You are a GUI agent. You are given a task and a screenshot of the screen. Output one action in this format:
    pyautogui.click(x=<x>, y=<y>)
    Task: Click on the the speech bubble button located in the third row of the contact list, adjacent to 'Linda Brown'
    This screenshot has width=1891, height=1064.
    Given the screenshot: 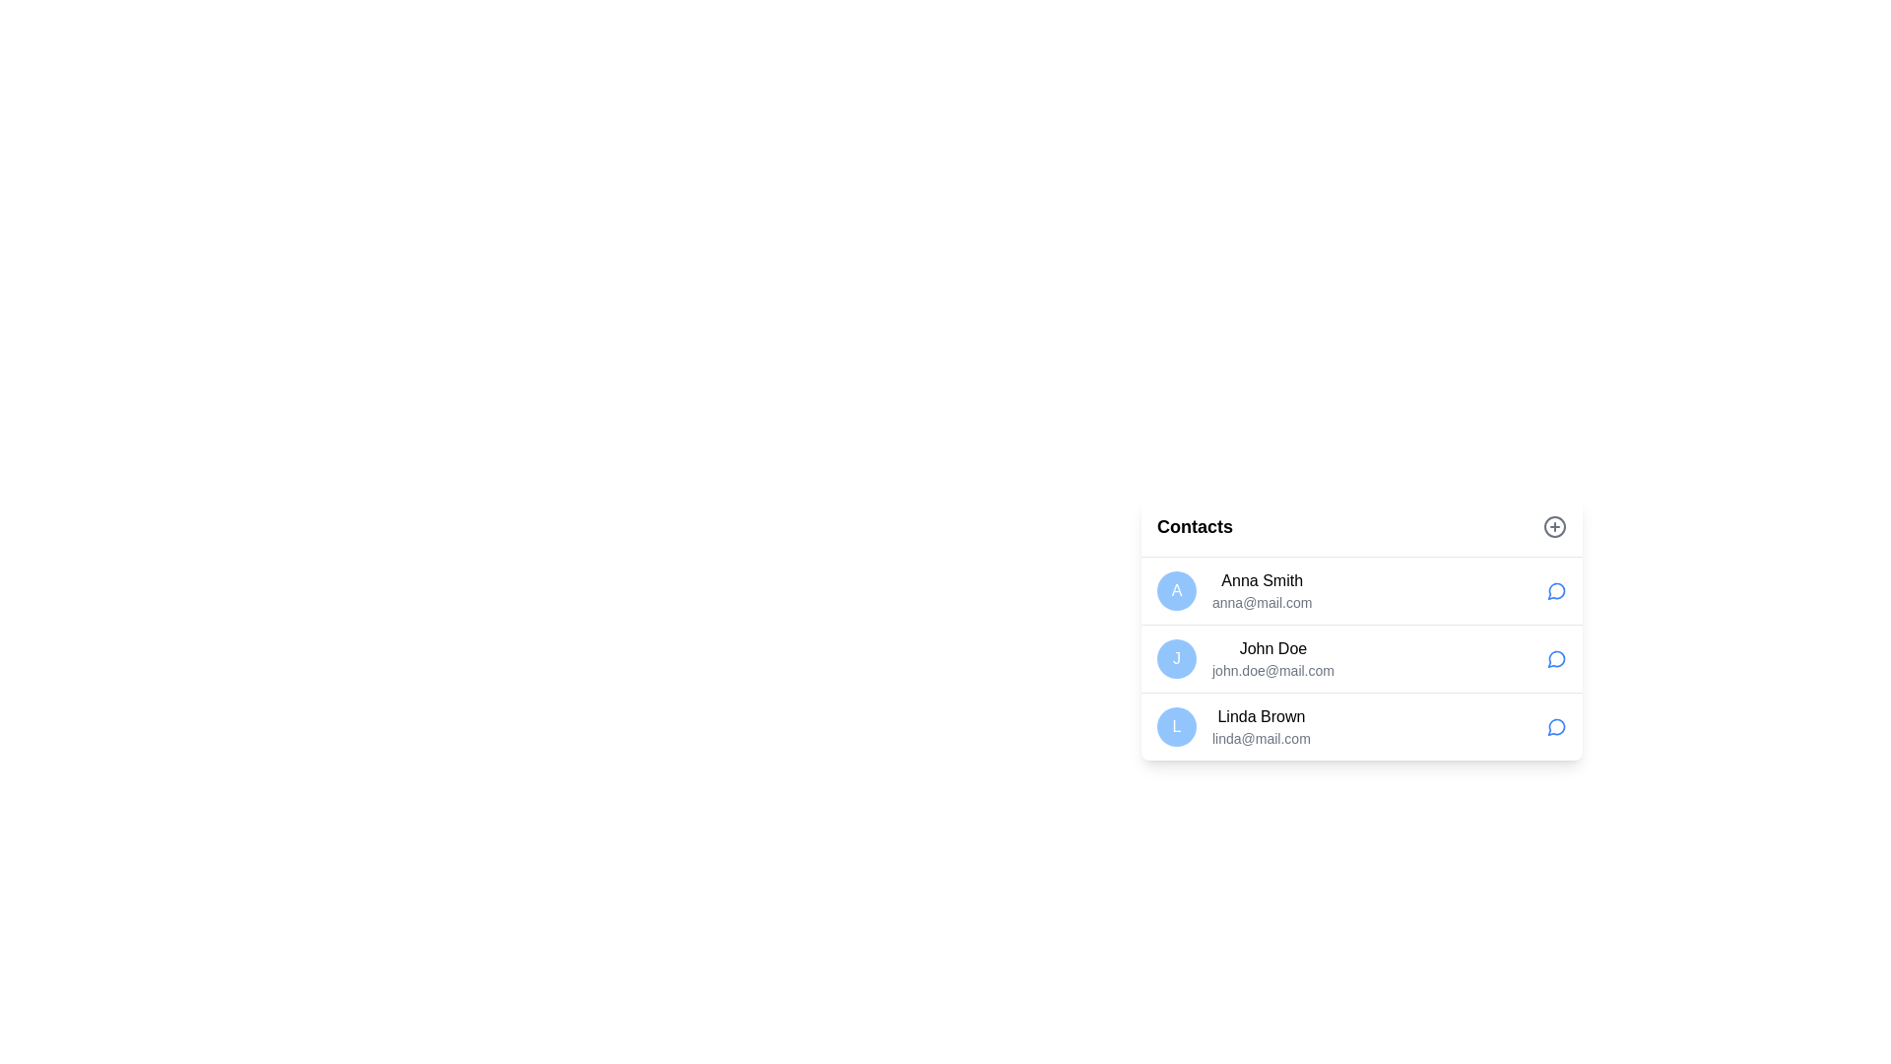 What is the action you would take?
    pyautogui.click(x=1555, y=727)
    